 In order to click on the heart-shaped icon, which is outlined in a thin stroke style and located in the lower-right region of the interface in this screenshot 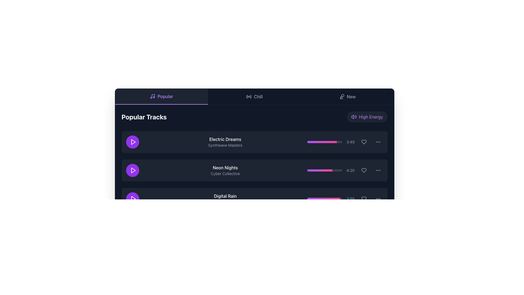, I will do `click(364, 199)`.